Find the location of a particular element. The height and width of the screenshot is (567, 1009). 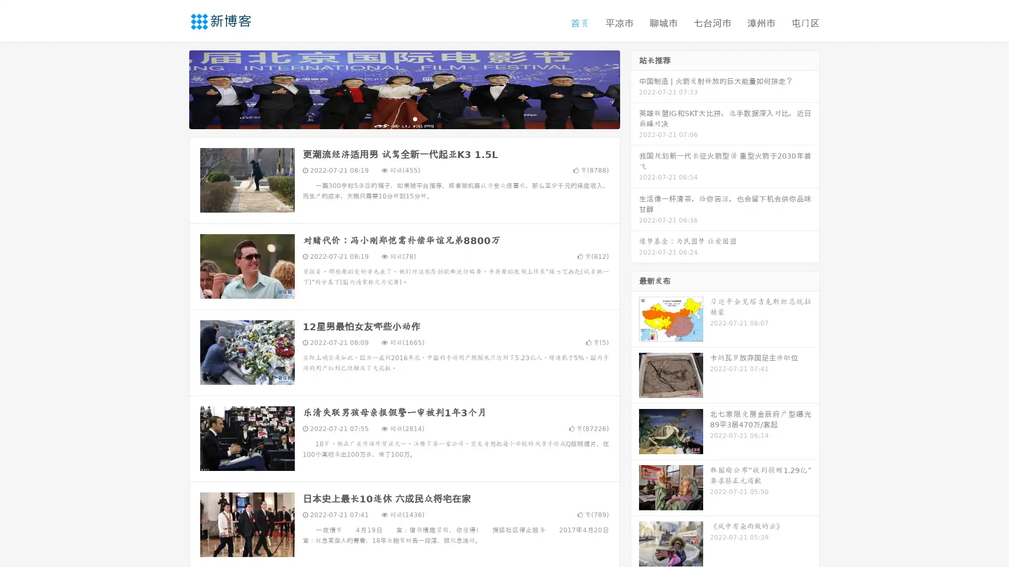

Previous slide is located at coordinates (173, 88).